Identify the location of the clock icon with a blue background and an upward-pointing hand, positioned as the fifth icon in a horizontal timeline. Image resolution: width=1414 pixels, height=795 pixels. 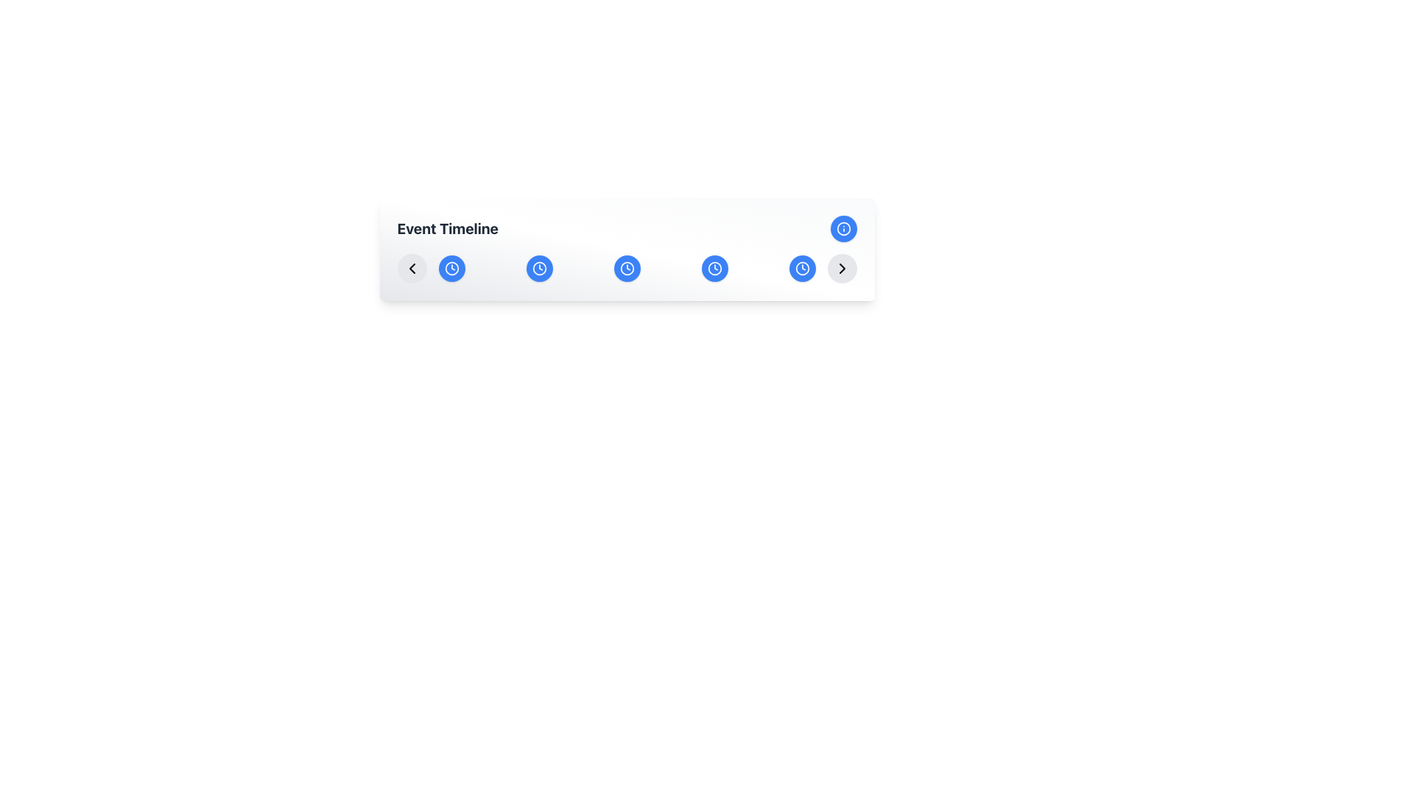
(714, 269).